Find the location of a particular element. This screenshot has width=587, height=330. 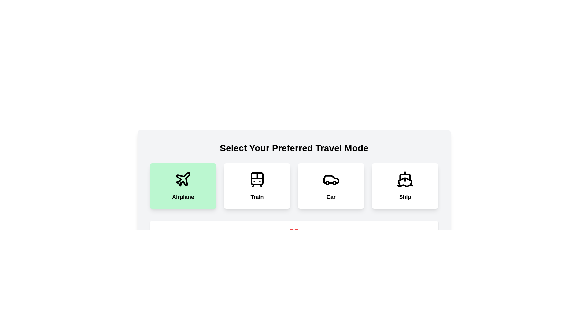

the text label displaying 'Airplane', which is bold and prominently aligned below an airplane icon is located at coordinates (183, 197).